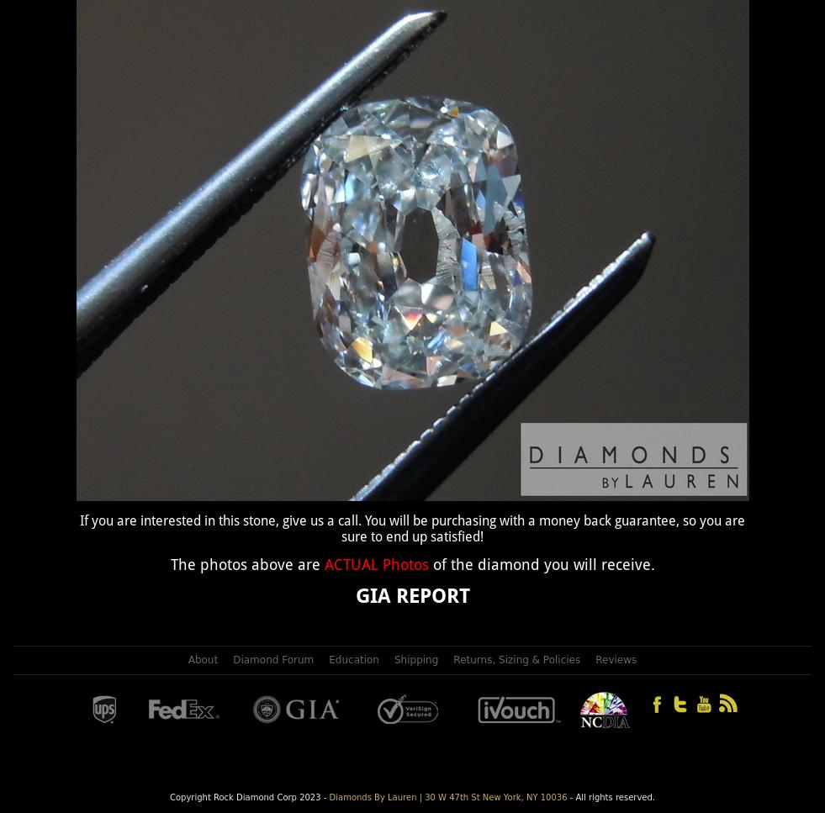  Describe the element at coordinates (246, 564) in the screenshot. I see `'The photos above are'` at that location.